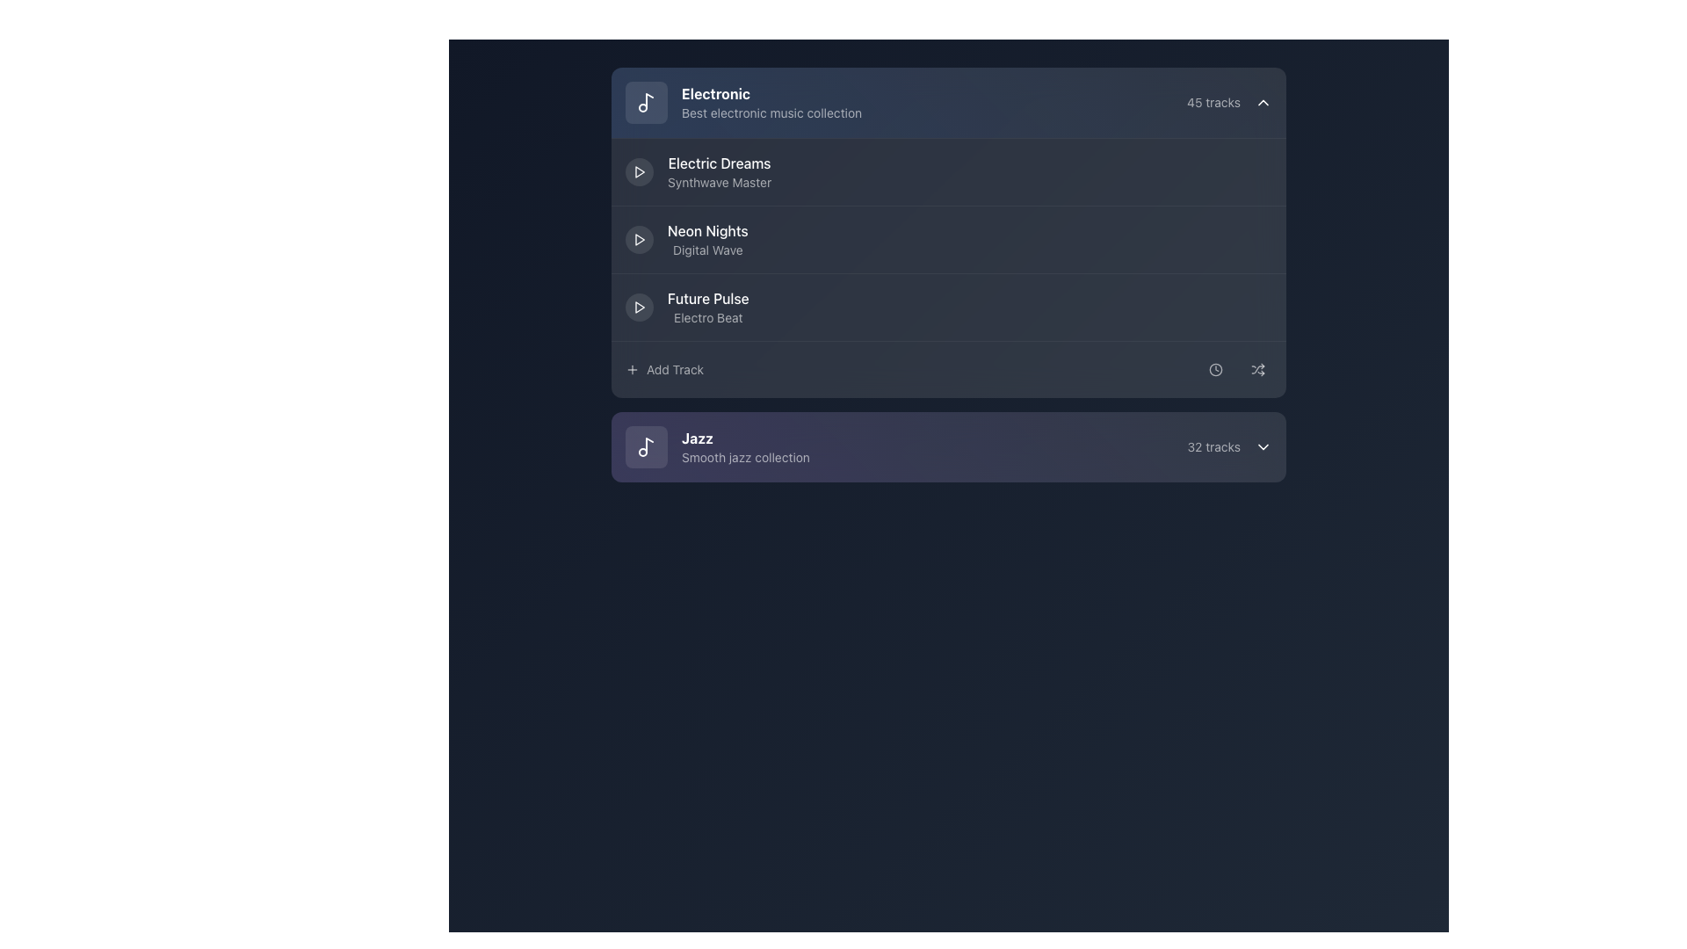  Describe the element at coordinates (1228, 446) in the screenshot. I see `the composite UI component displaying the text '32 tracks' with a downward chevron icon, located to the right of the 'Jazz Smooth jazz collection' title` at that location.